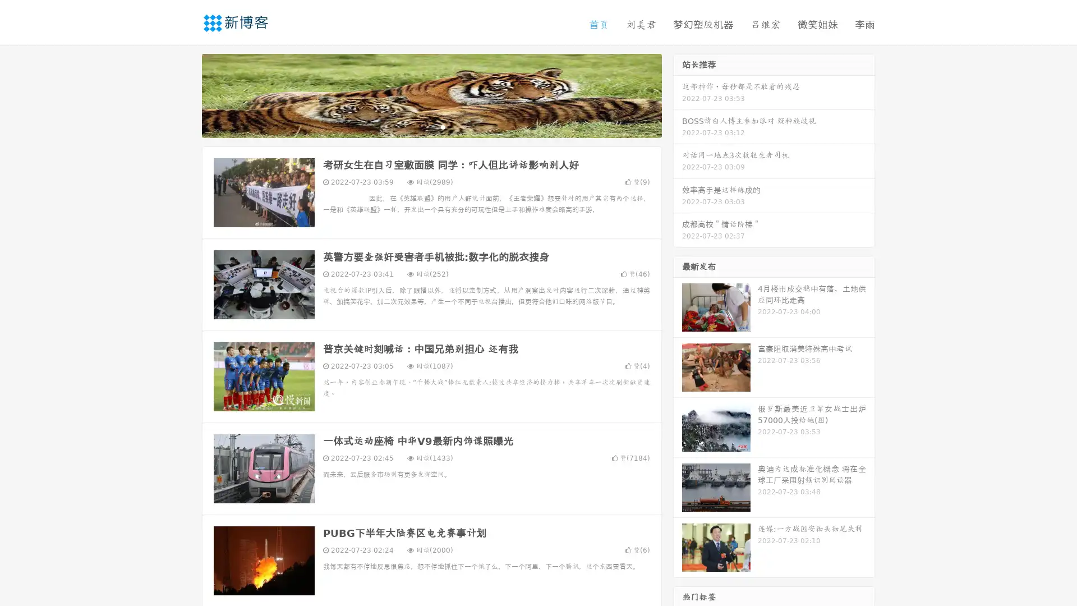 The width and height of the screenshot is (1077, 606). What do you see at coordinates (420, 126) in the screenshot?
I see `Go to slide 1` at bounding box center [420, 126].